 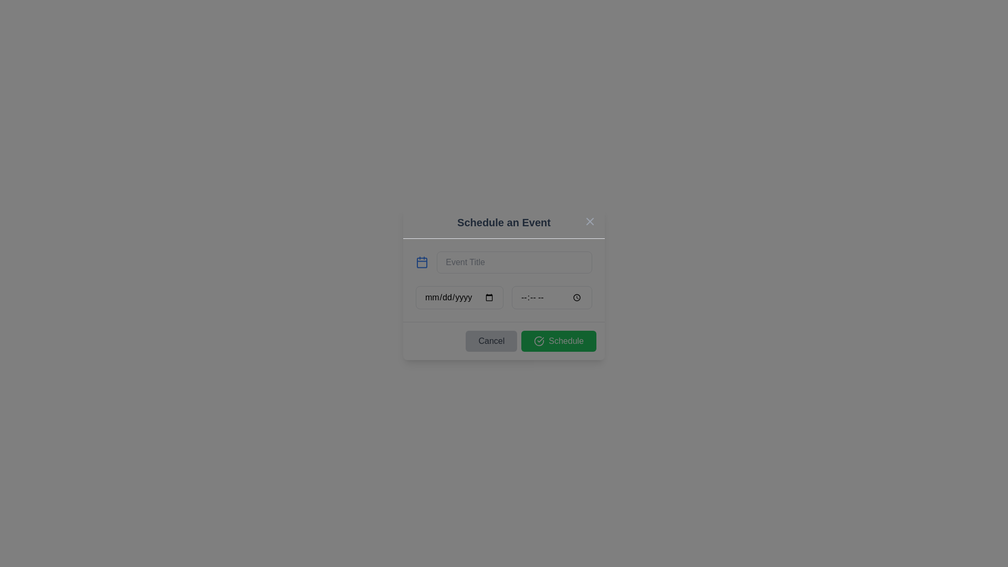 What do you see at coordinates (504, 222) in the screenshot?
I see `header text located at the uppermost part of the modal, which serves as the title or context for the modal's content` at bounding box center [504, 222].